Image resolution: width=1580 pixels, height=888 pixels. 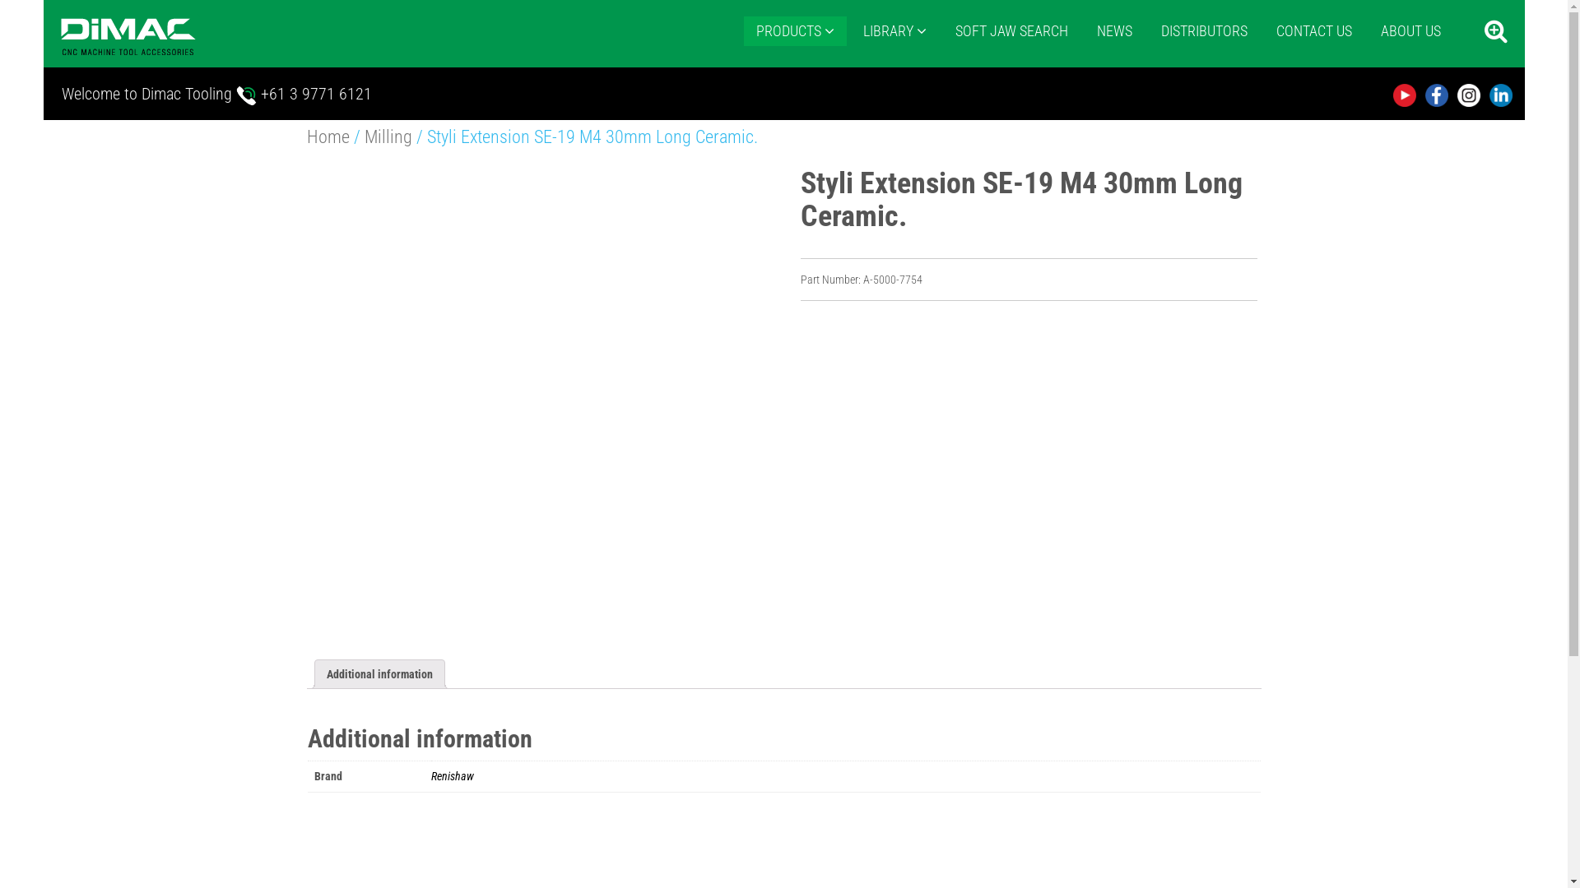 I want to click on 'SOFT JAW SEARCH', so click(x=1011, y=31).